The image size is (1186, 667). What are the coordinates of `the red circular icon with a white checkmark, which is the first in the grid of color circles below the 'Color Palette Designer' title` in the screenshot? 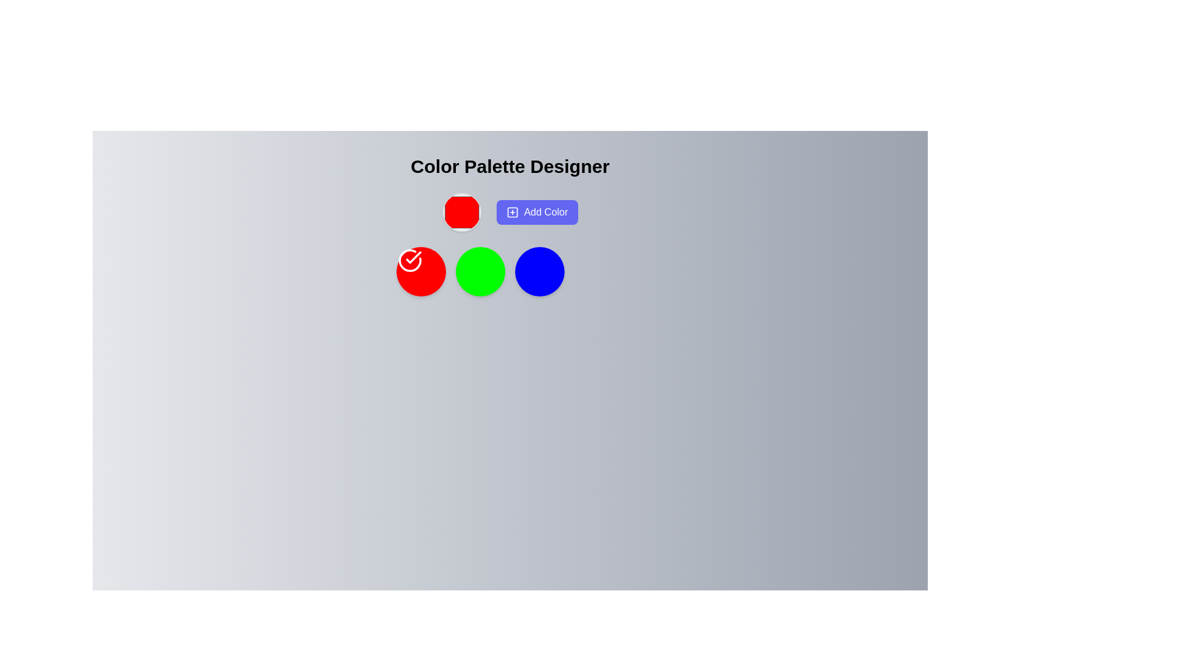 It's located at (421, 271).